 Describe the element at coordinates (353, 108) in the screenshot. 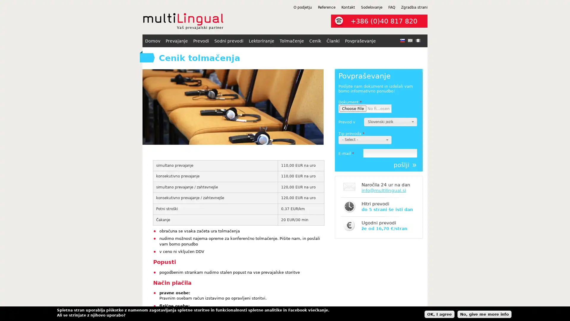

I see `Choose File` at that location.